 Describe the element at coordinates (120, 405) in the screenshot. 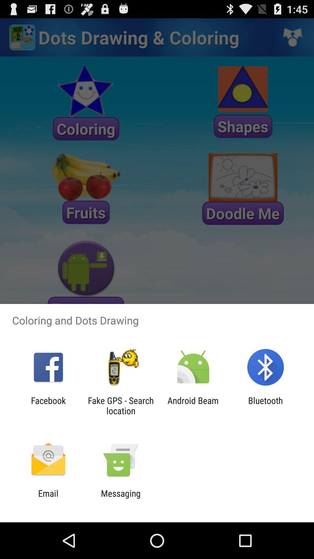

I see `the fake gps search` at that location.